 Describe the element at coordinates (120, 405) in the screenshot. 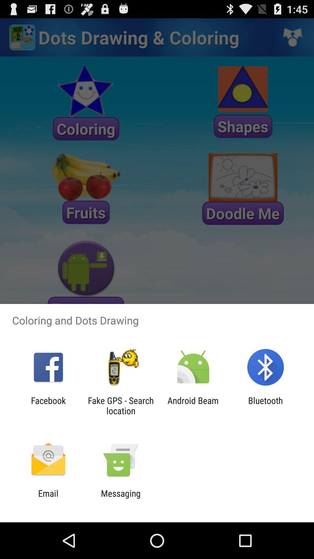

I see `the fake gps search` at that location.